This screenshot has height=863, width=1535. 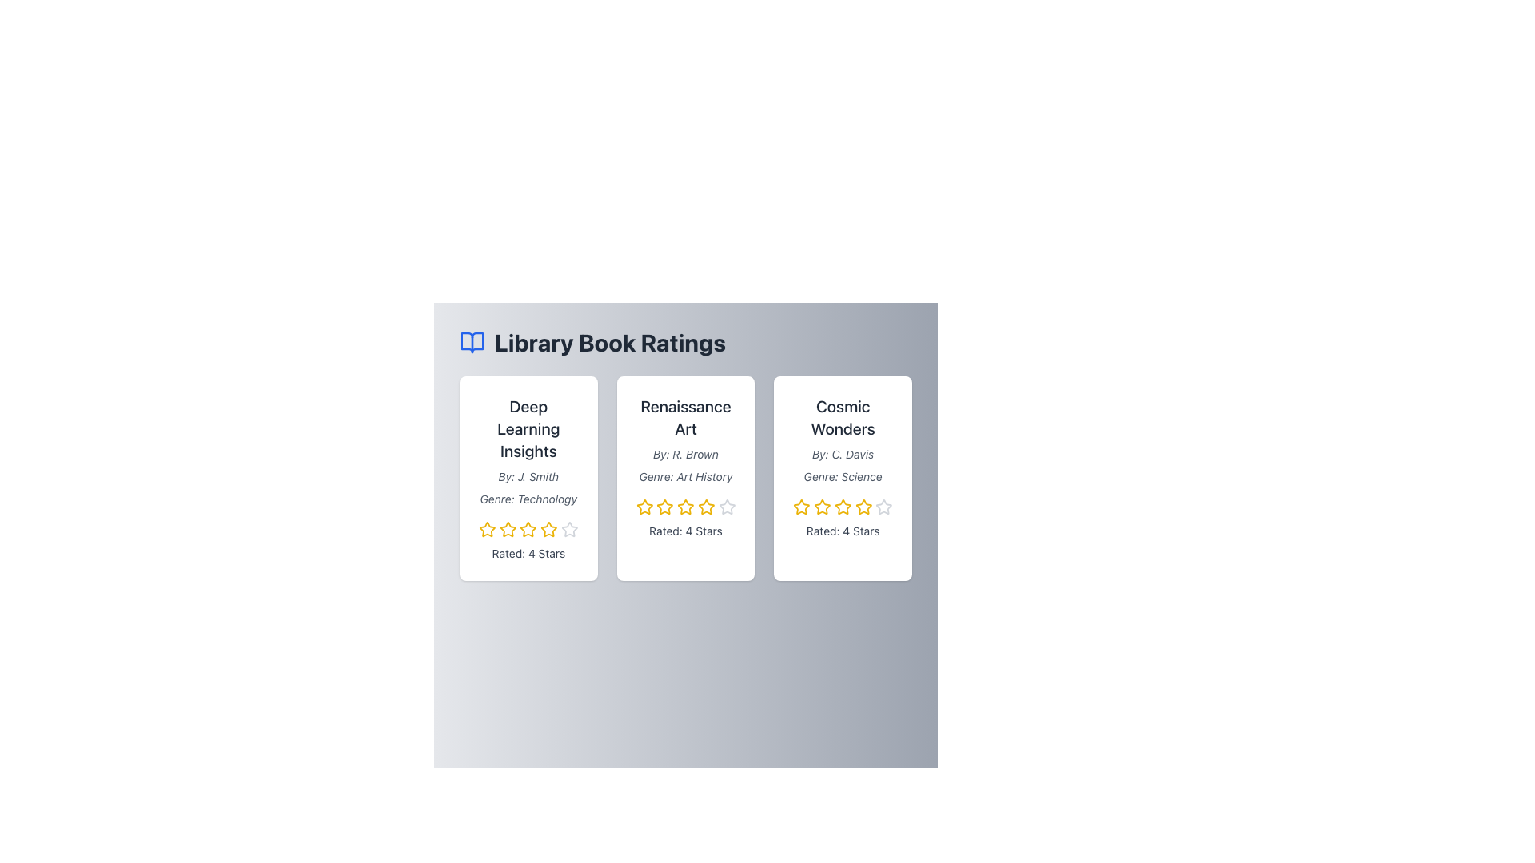 What do you see at coordinates (686, 507) in the screenshot?
I see `the fourth star icon in the rating section for the book 'Renaissance Art'` at bounding box center [686, 507].